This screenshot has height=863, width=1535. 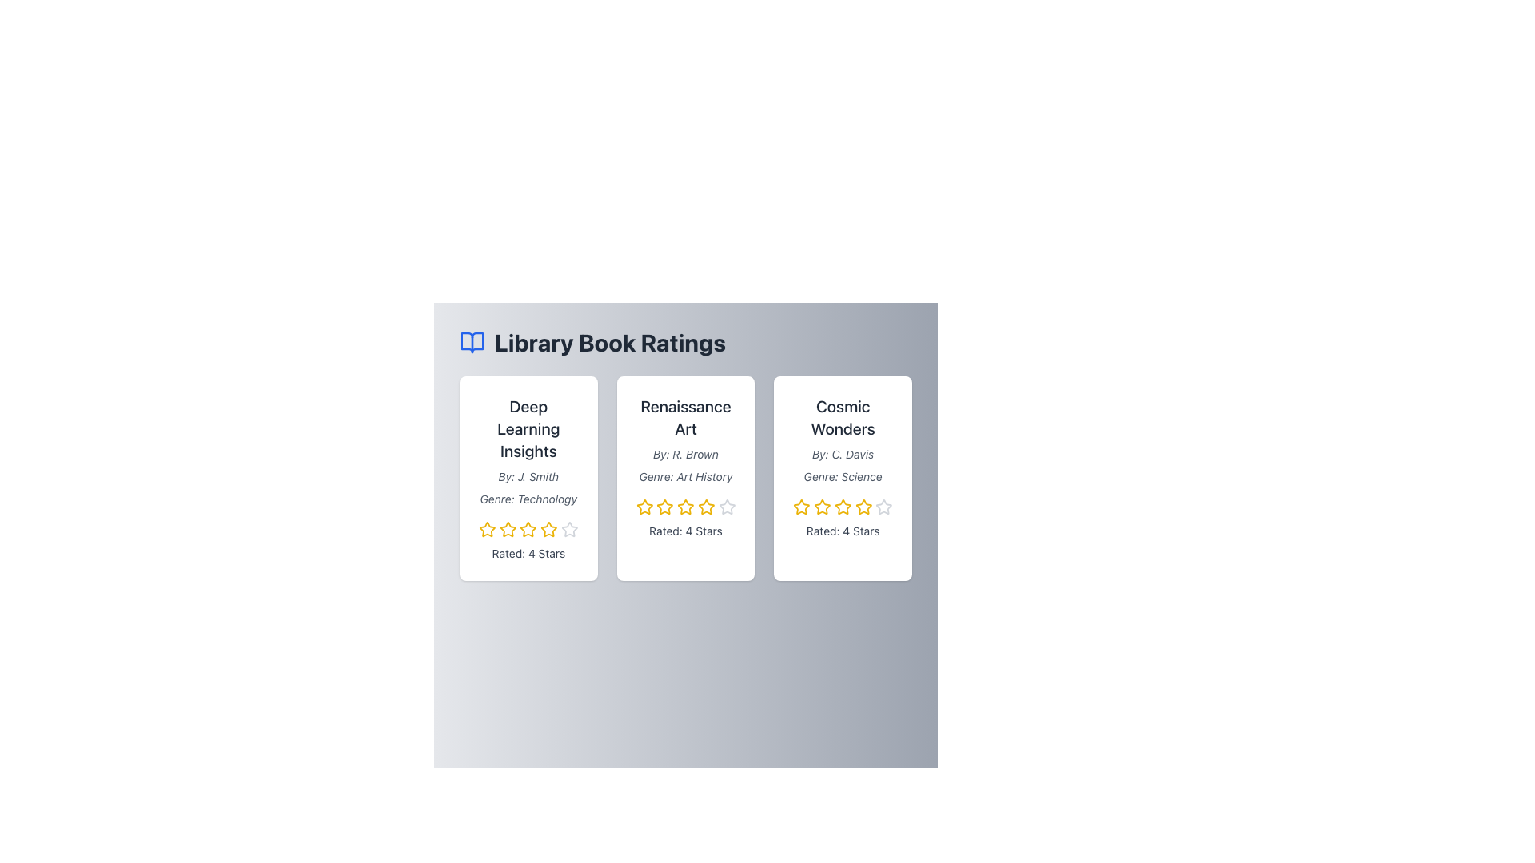 What do you see at coordinates (686, 507) in the screenshot?
I see `the fourth star icon in the rating section for the book 'Renaissance Art'` at bounding box center [686, 507].